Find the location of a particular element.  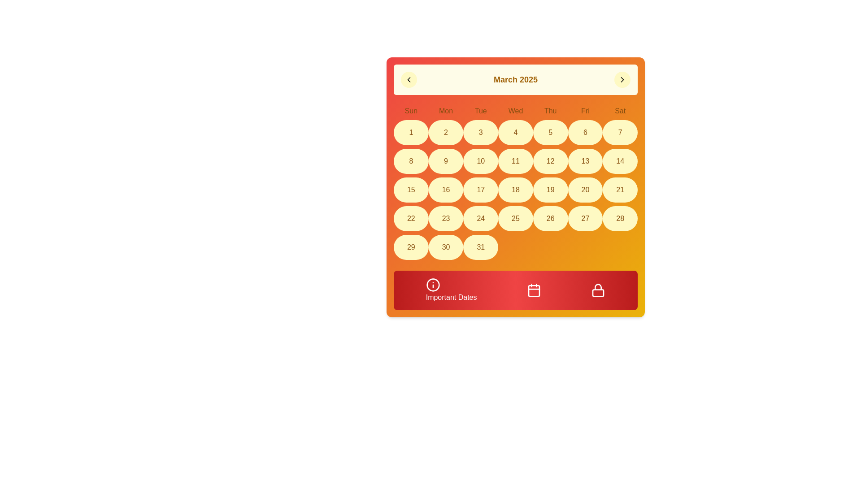

the calendar date button representing the 8th day is located at coordinates (410, 160).